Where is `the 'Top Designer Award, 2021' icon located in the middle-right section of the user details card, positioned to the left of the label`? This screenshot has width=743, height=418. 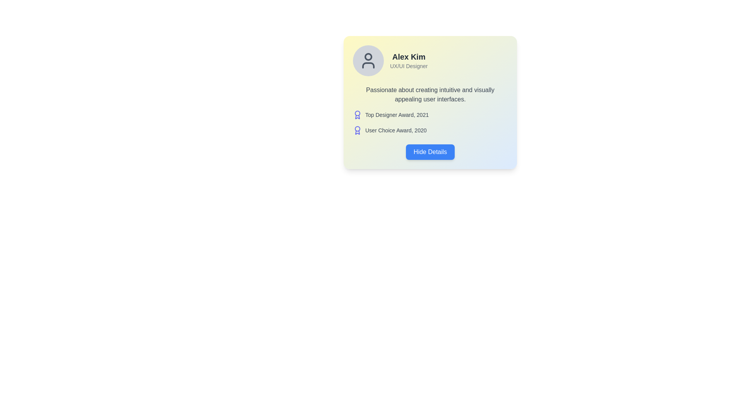 the 'Top Designer Award, 2021' icon located in the middle-right section of the user details card, positioned to the left of the label is located at coordinates (357, 115).